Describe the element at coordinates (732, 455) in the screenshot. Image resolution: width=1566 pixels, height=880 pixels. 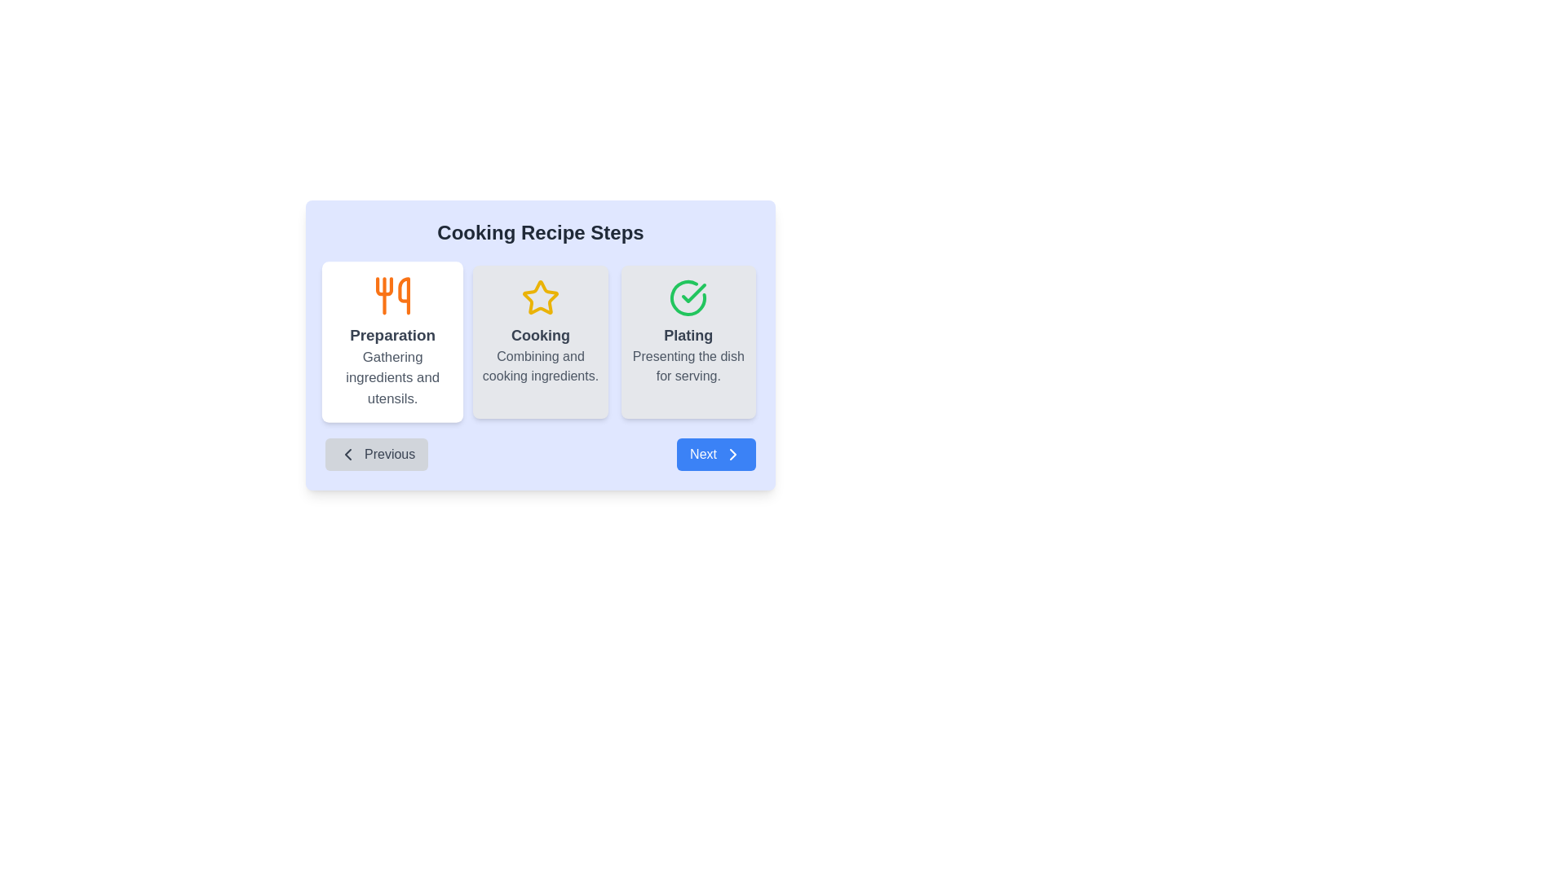
I see `the chevron icon within the 'Next' button located at the bottom-right corner of the interface` at that location.